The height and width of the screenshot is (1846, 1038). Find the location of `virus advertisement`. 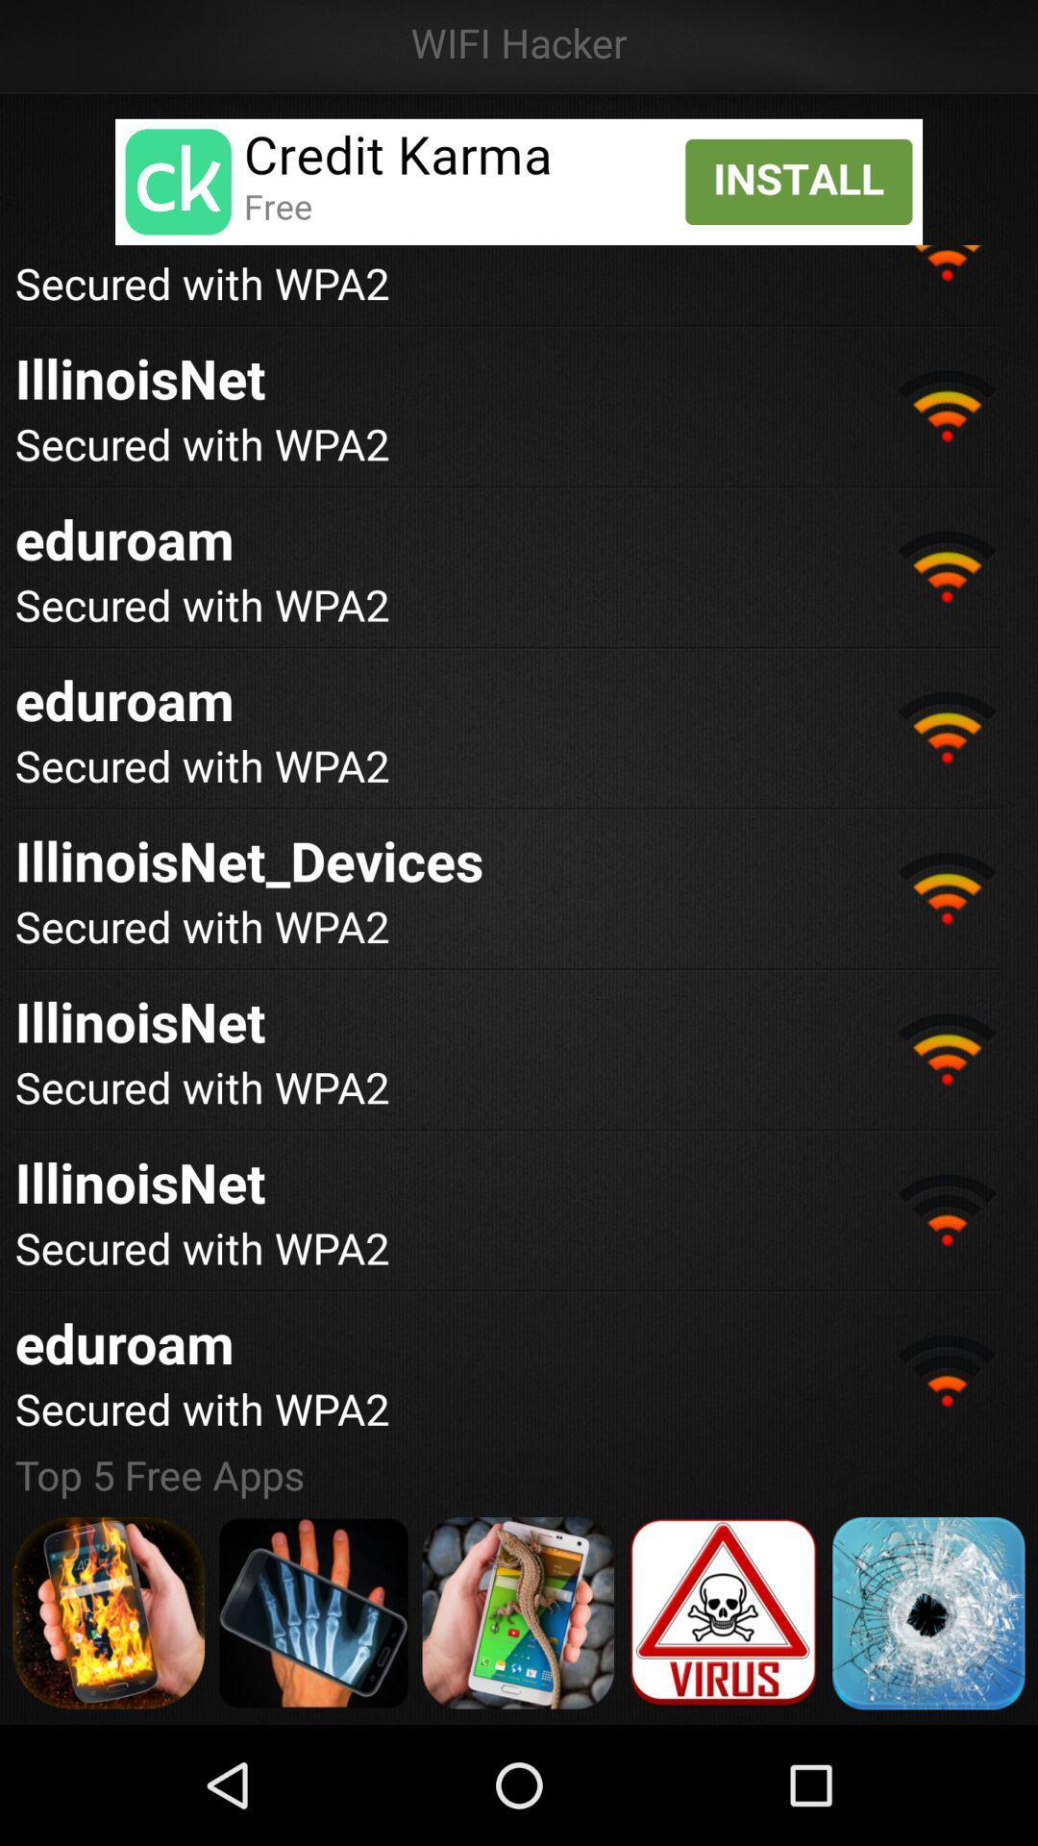

virus advertisement is located at coordinates (723, 1613).